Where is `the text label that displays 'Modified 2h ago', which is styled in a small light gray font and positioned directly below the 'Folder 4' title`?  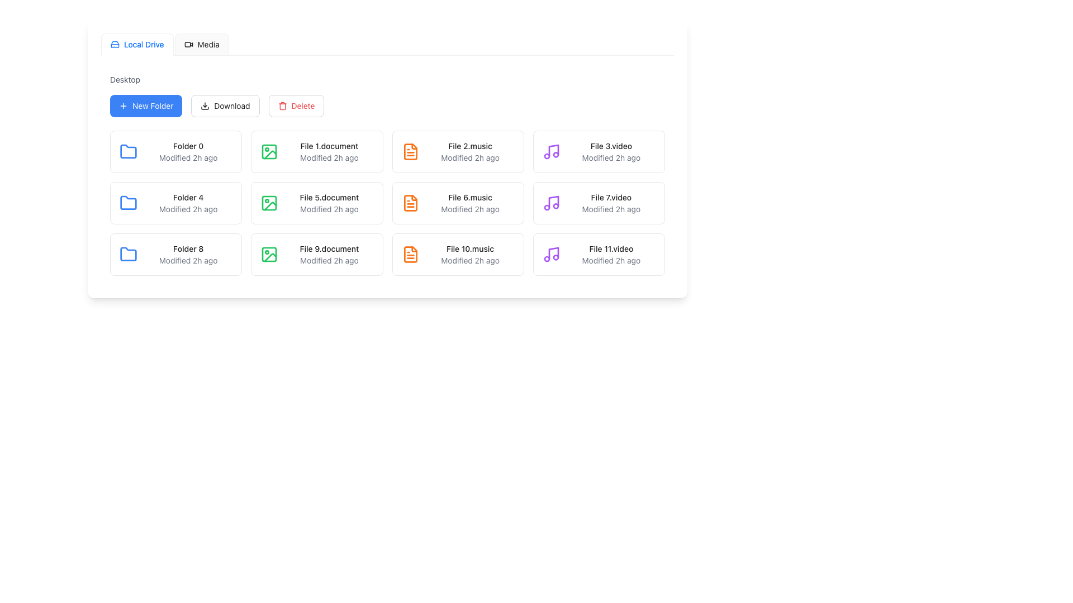 the text label that displays 'Modified 2h ago', which is styled in a small light gray font and positioned directly below the 'Folder 4' title is located at coordinates (188, 209).